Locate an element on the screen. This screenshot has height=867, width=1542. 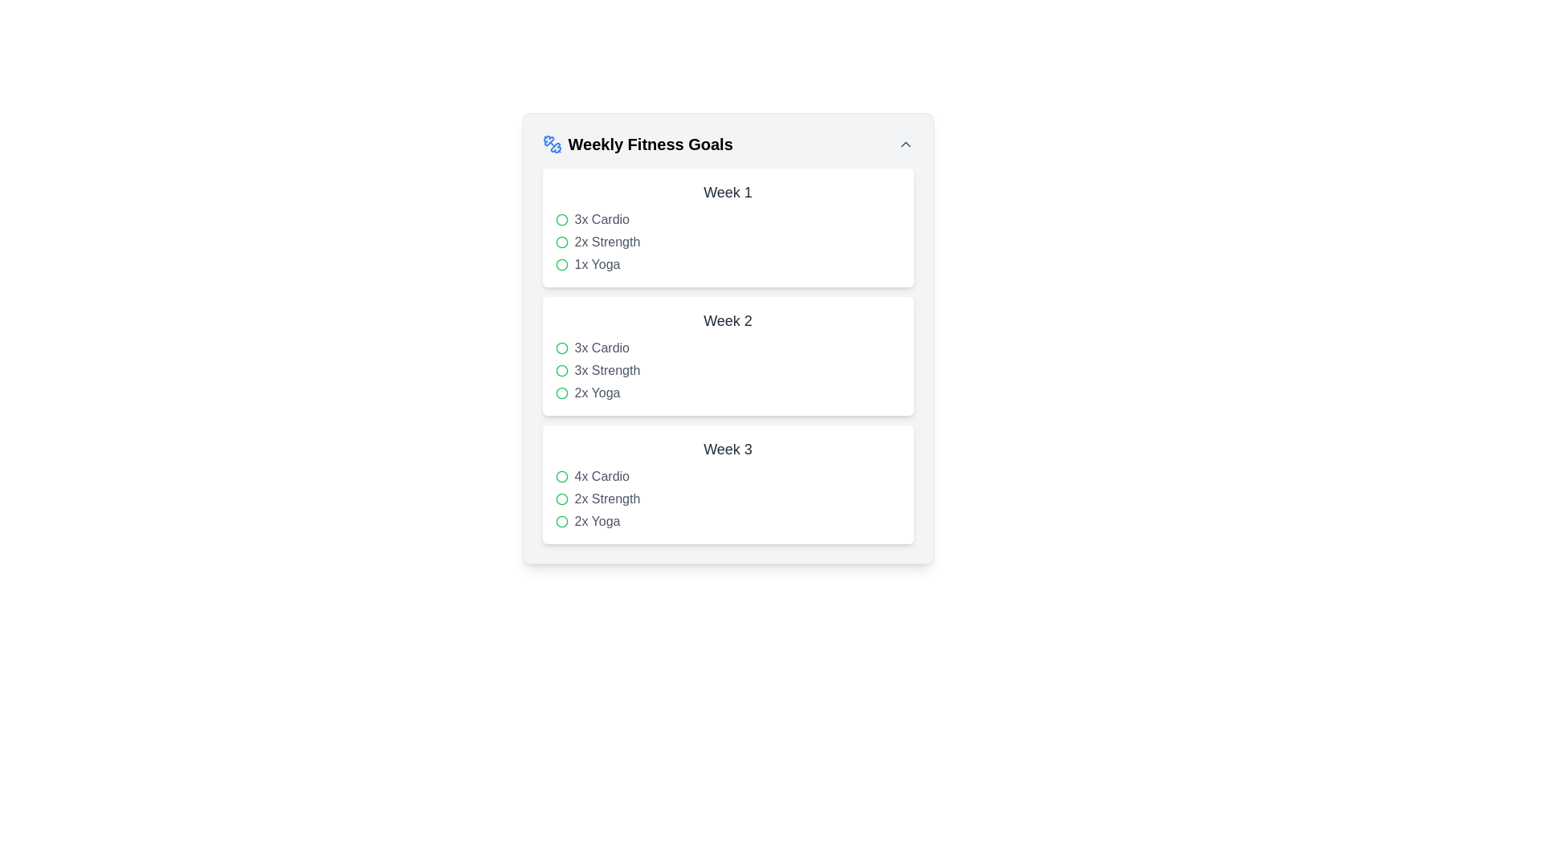
the circular icon with a green border indicating status or completion, located to the left of the text '1x Yoga' in the 'Week 1' section is located at coordinates (561, 264).